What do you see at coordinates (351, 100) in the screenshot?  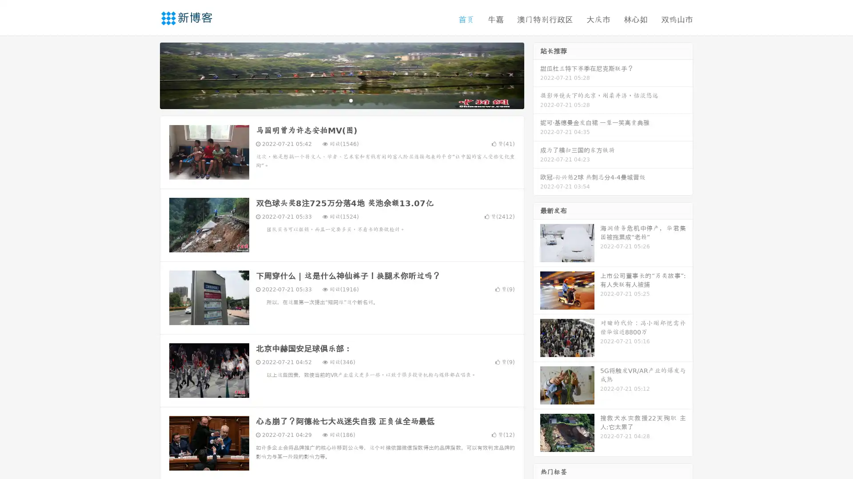 I see `Go to slide 3` at bounding box center [351, 100].